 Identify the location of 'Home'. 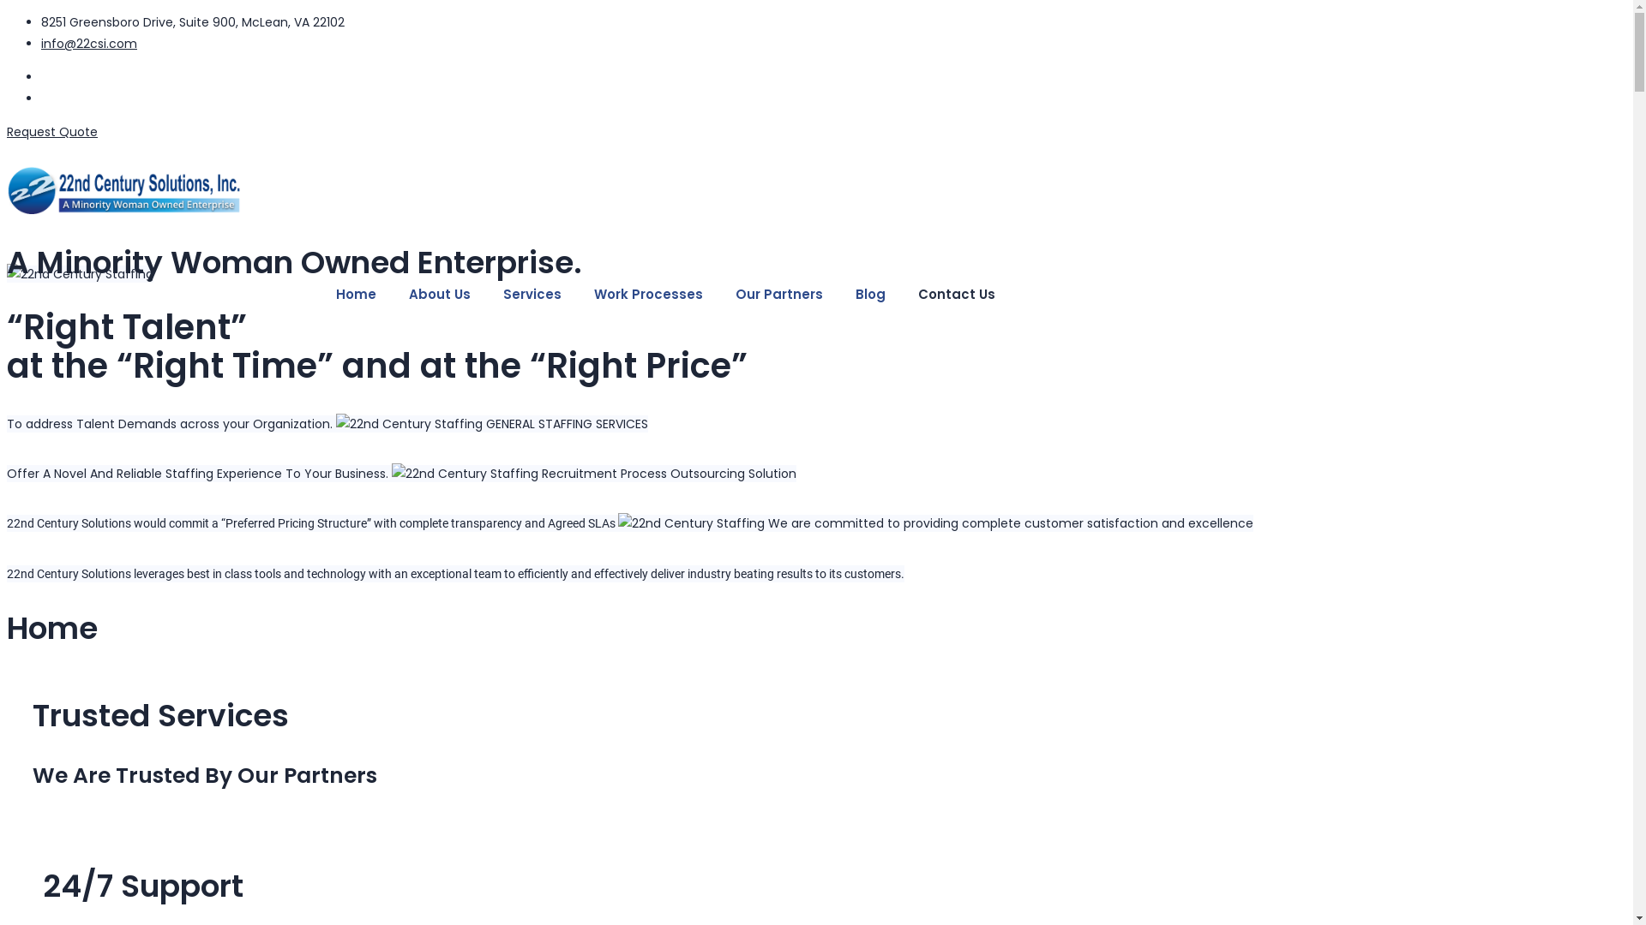
(355, 293).